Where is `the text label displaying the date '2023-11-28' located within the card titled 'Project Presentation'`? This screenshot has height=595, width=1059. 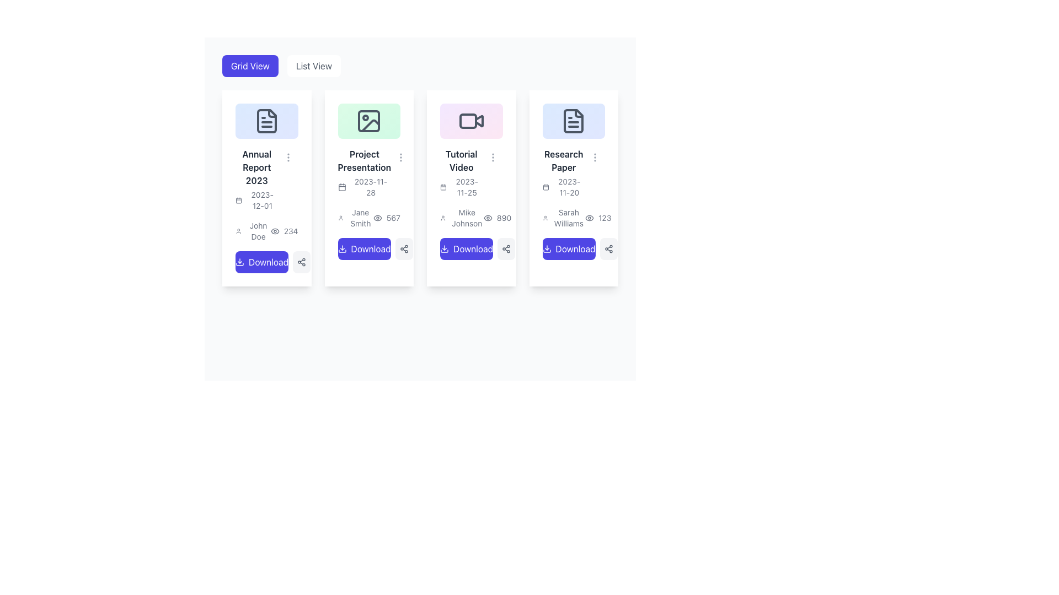 the text label displaying the date '2023-11-28' located within the card titled 'Project Presentation' is located at coordinates (371, 186).